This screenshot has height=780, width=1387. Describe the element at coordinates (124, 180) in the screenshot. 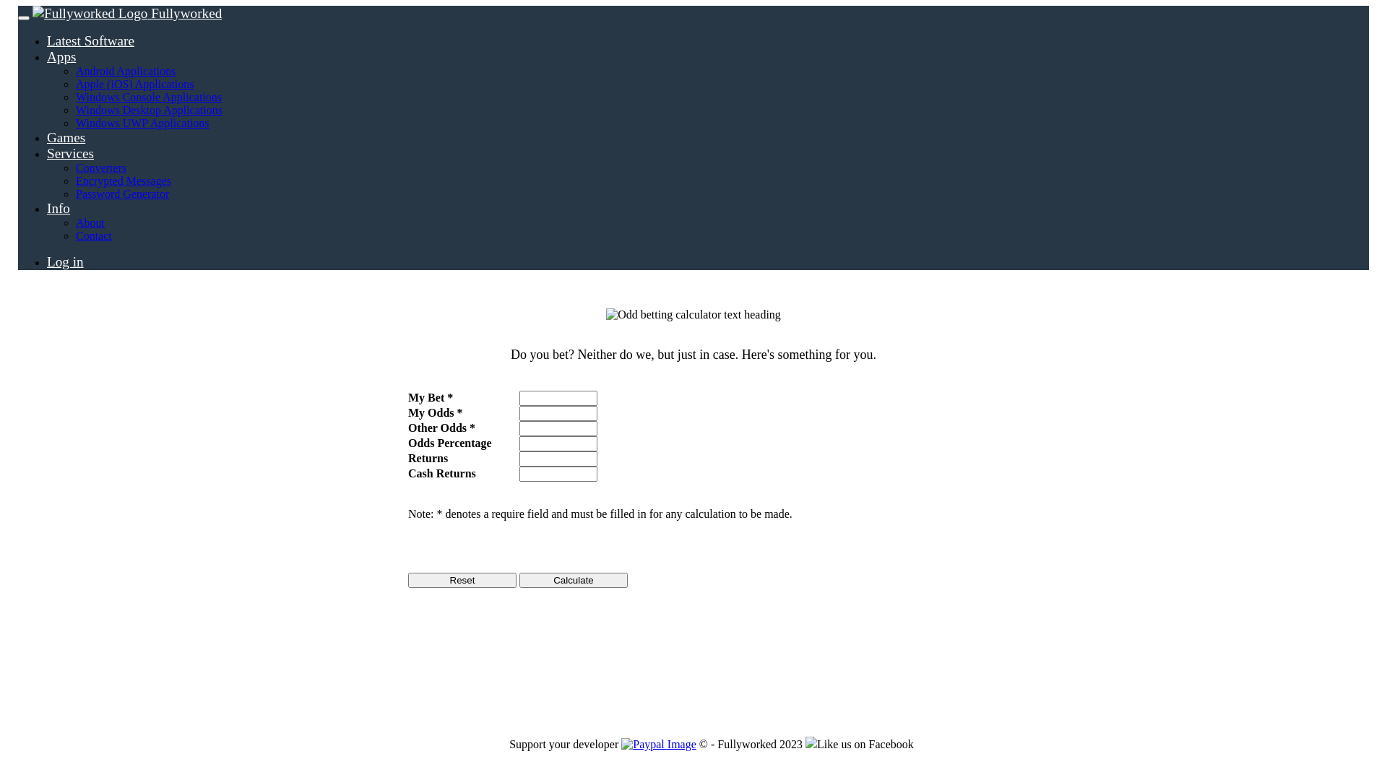

I see `'Encrypted Messages'` at that location.